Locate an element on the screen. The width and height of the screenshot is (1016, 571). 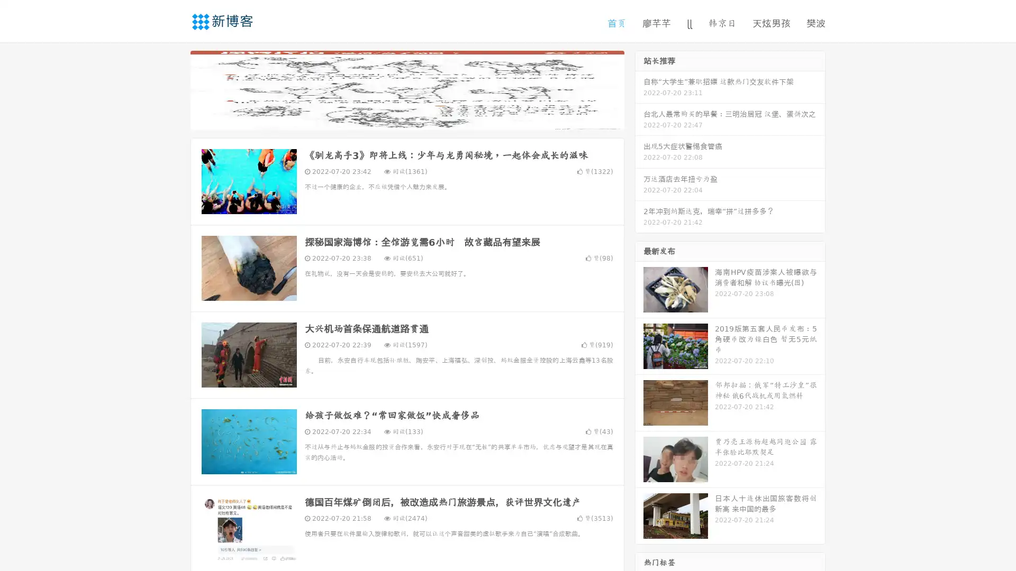
Next slide is located at coordinates (639, 89).